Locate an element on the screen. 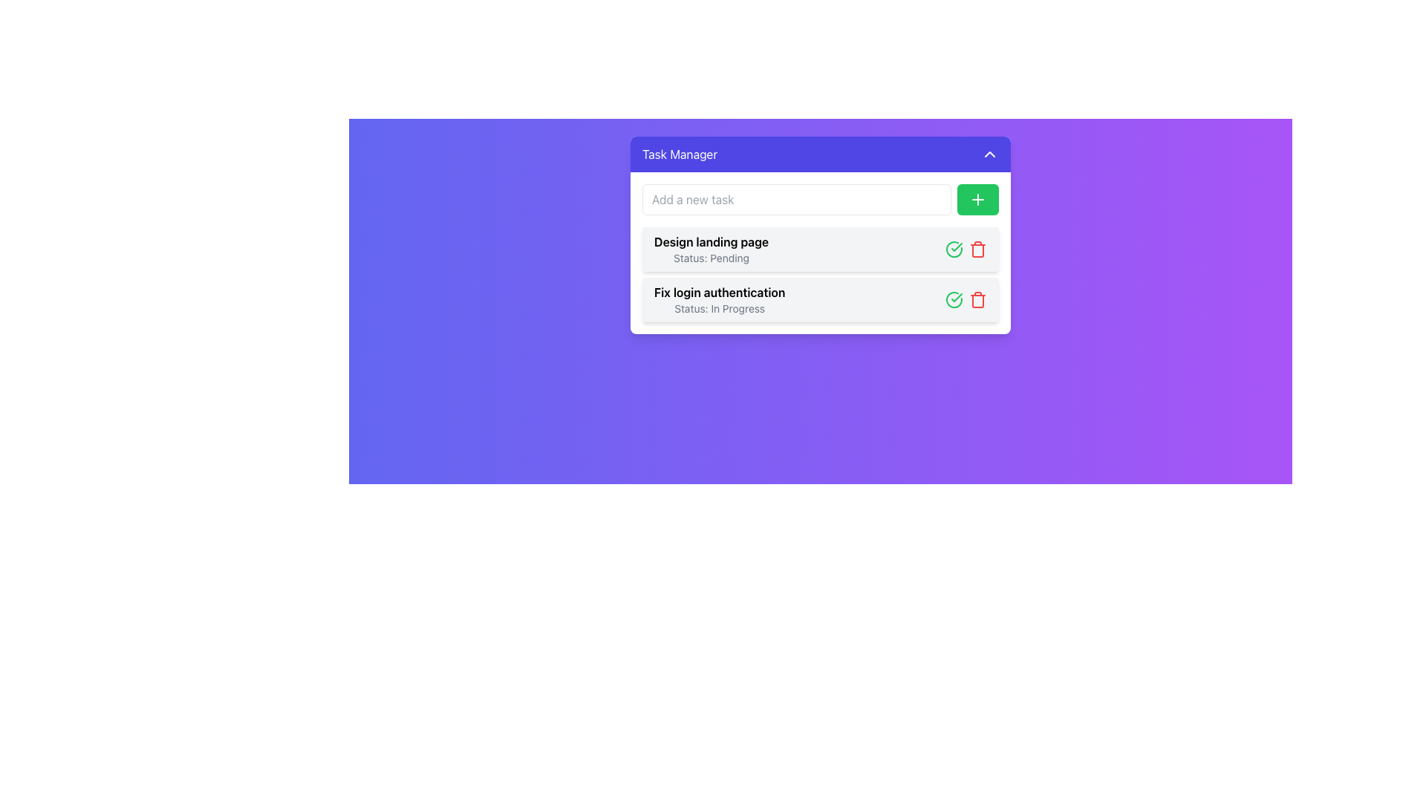 This screenshot has height=802, width=1426. the set of interactive icons for the task 'Fix login authentication' located on the right-hand side of the task entry is located at coordinates (966, 300).